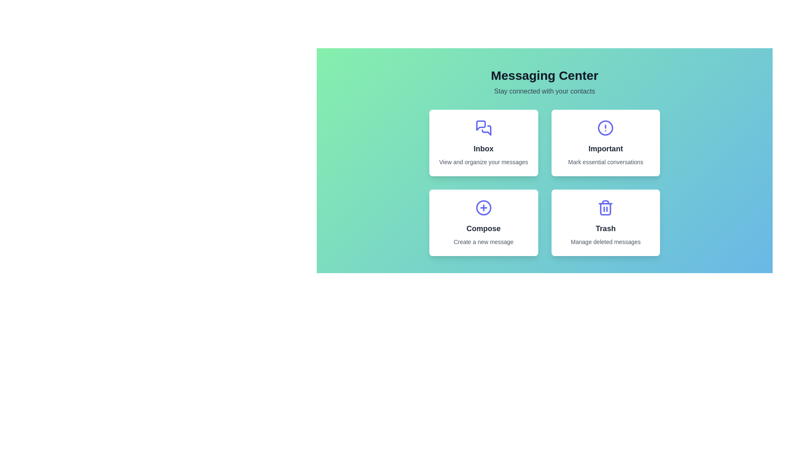  Describe the element at coordinates (544, 75) in the screenshot. I see `the bold text label 'Messaging Center', which is prominently styled and located at the upper center section of the interface` at that location.